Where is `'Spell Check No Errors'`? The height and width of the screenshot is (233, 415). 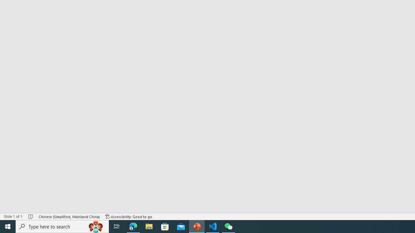
'Spell Check No Errors' is located at coordinates (31, 216).